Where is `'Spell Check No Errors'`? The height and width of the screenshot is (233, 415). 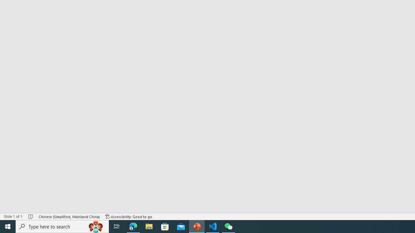
'Spell Check No Errors' is located at coordinates (31, 216).